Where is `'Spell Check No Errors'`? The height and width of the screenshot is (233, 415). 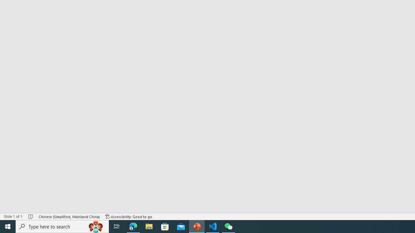
'Spell Check No Errors' is located at coordinates (31, 216).